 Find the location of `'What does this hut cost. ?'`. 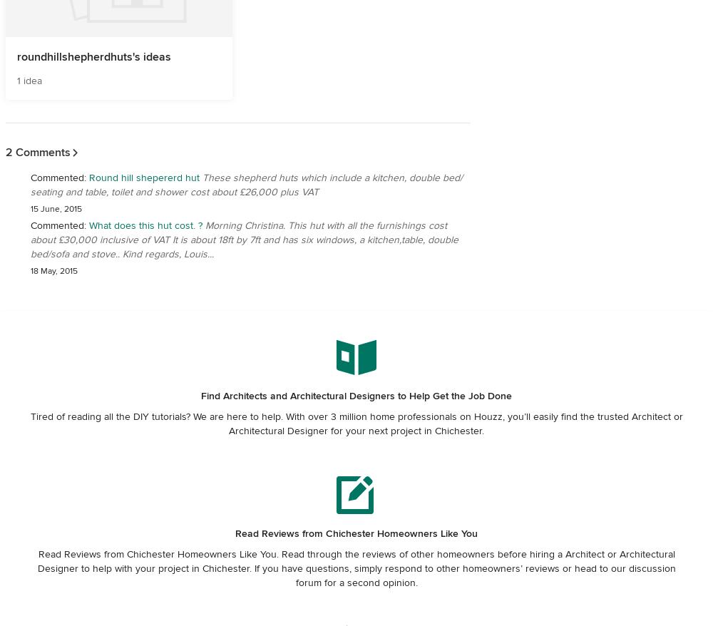

'What does this hut cost. ?' is located at coordinates (89, 225).